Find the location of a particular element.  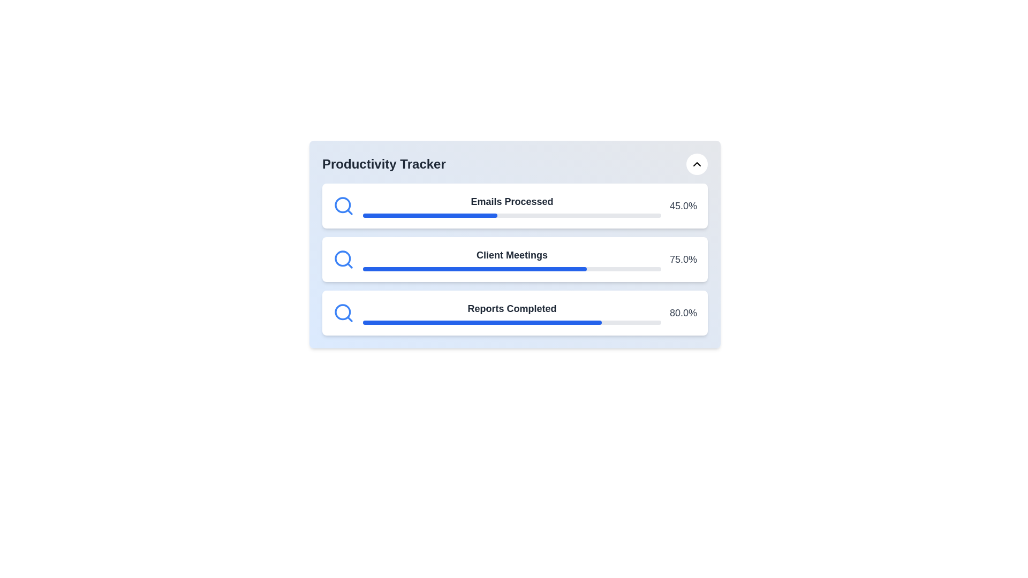

the upward-pointing chevron icon button located at the top-right corner of the main productivity tracker interface is located at coordinates (697, 164).